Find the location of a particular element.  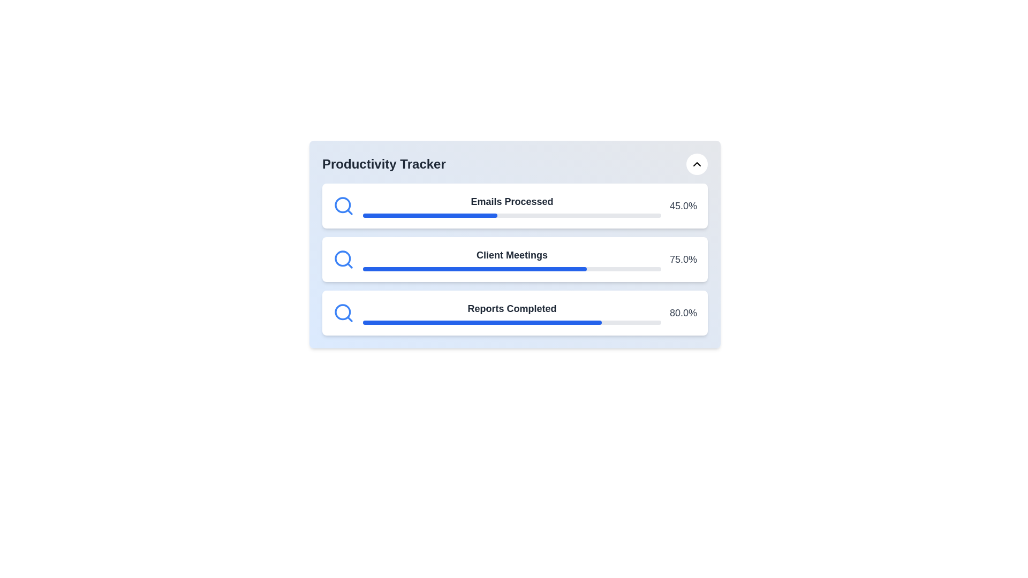

the upward-pointing chevron icon button located at the top-right corner of the main productivity tracker interface is located at coordinates (697, 164).